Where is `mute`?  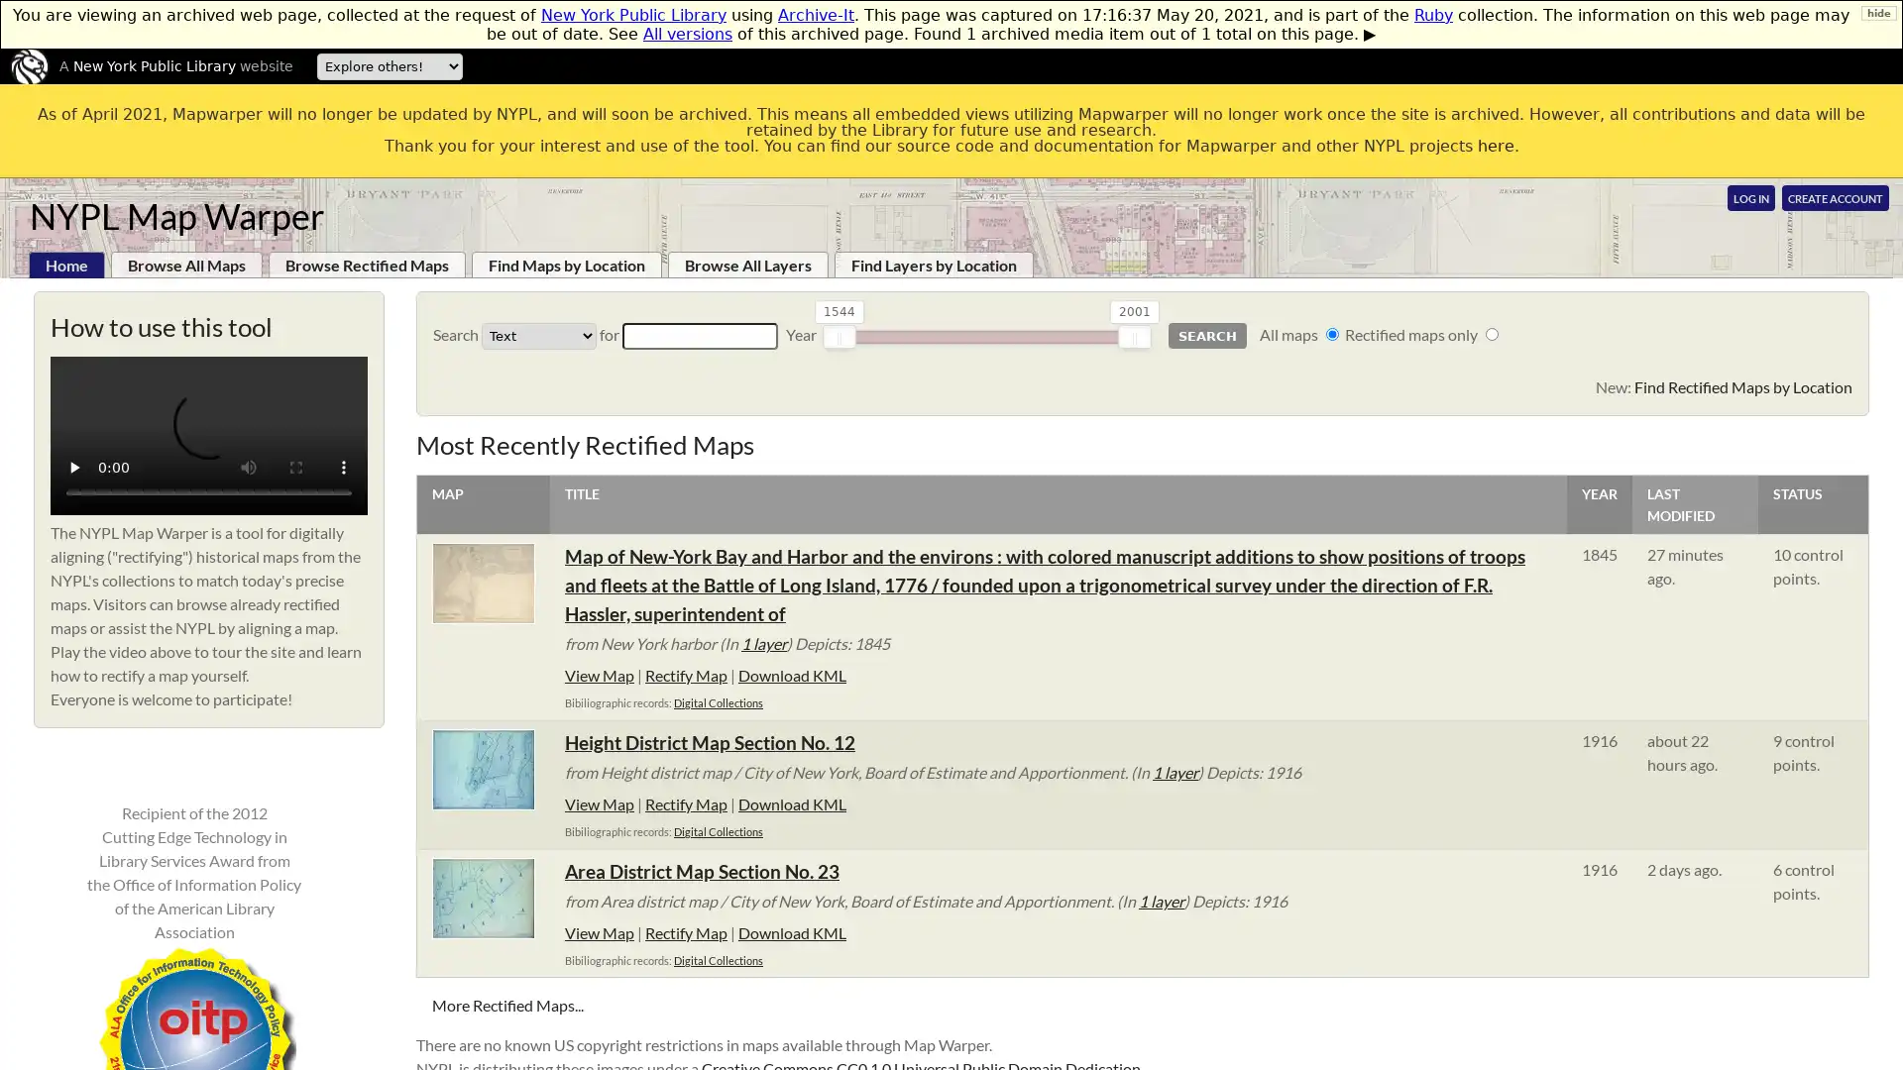 mute is located at coordinates (247, 467).